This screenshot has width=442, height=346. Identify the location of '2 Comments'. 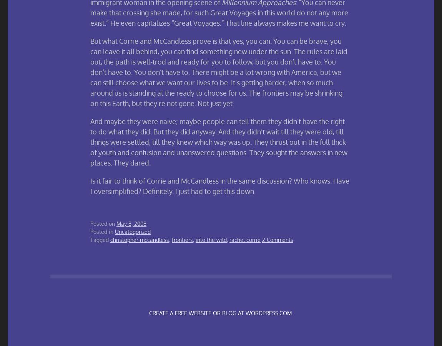
(277, 239).